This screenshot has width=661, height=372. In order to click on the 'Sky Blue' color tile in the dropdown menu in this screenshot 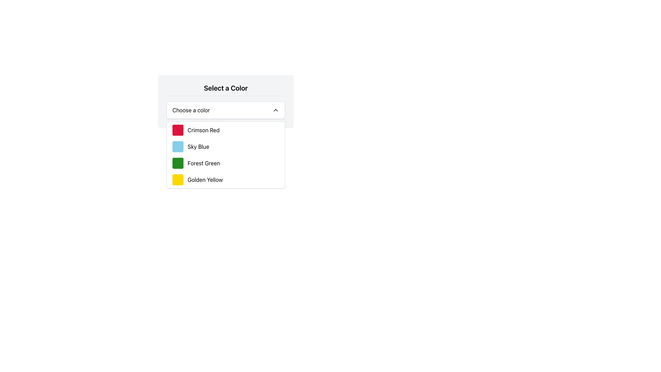, I will do `click(178, 146)`.